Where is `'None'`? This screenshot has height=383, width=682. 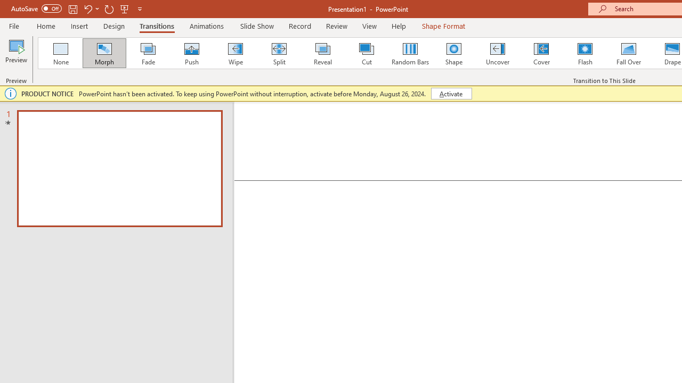
'None' is located at coordinates (60, 53).